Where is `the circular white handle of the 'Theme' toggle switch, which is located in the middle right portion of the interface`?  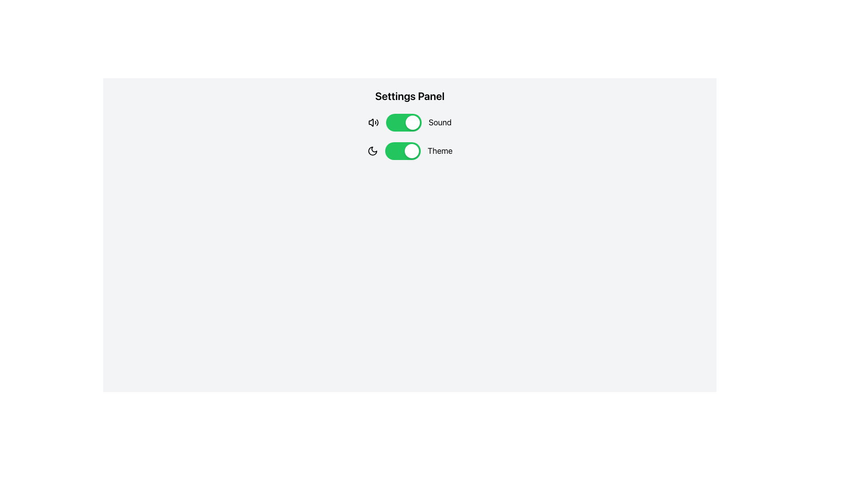 the circular white handle of the 'Theme' toggle switch, which is located in the middle right portion of the interface is located at coordinates (418, 150).